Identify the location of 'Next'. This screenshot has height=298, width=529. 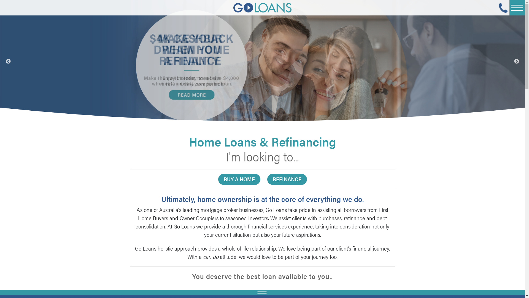
(514, 61).